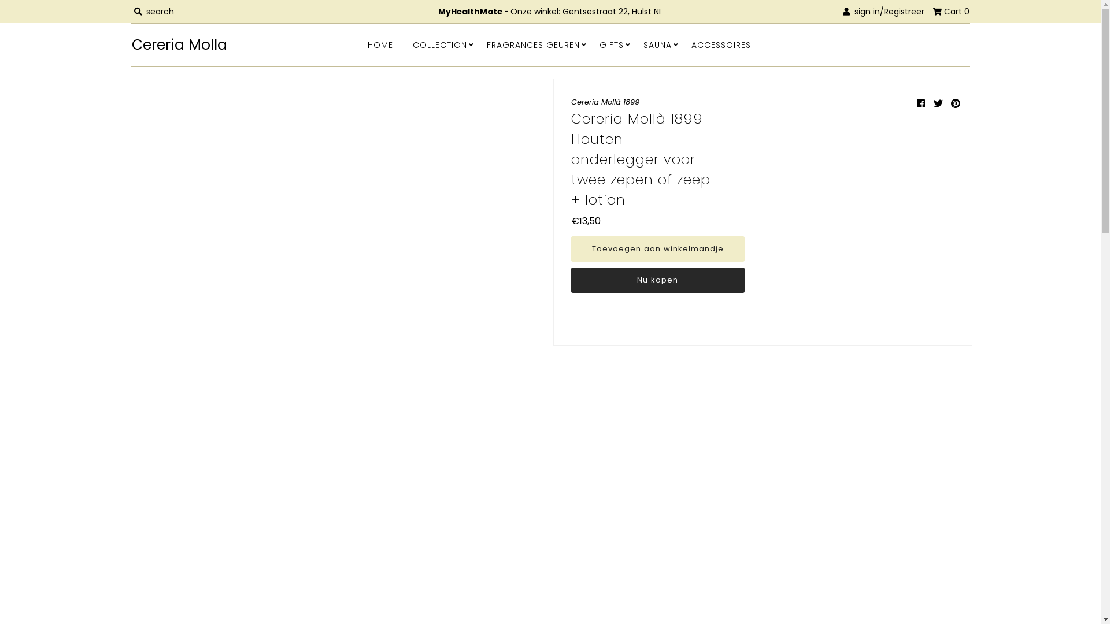 The width and height of the screenshot is (1110, 624). What do you see at coordinates (657, 44) in the screenshot?
I see `'SAUNA'` at bounding box center [657, 44].